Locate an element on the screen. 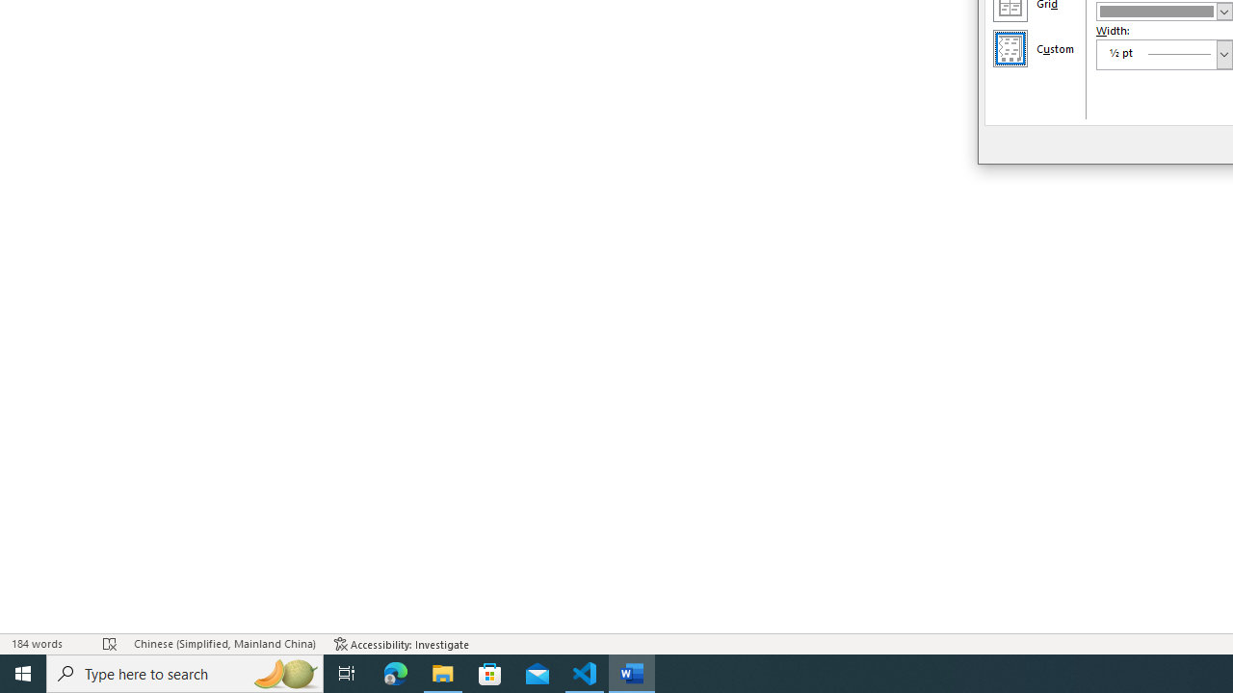  'Microsoft Store' is located at coordinates (490, 672).